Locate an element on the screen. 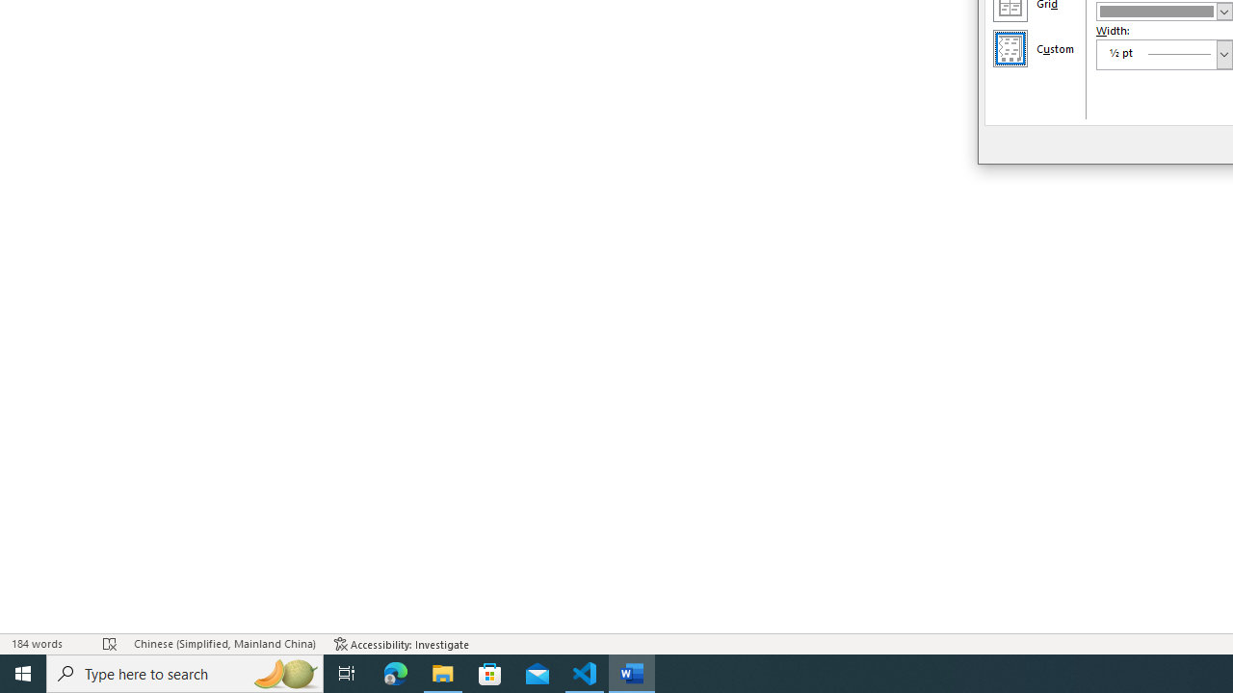  'Microsoft Store' is located at coordinates (490, 672).